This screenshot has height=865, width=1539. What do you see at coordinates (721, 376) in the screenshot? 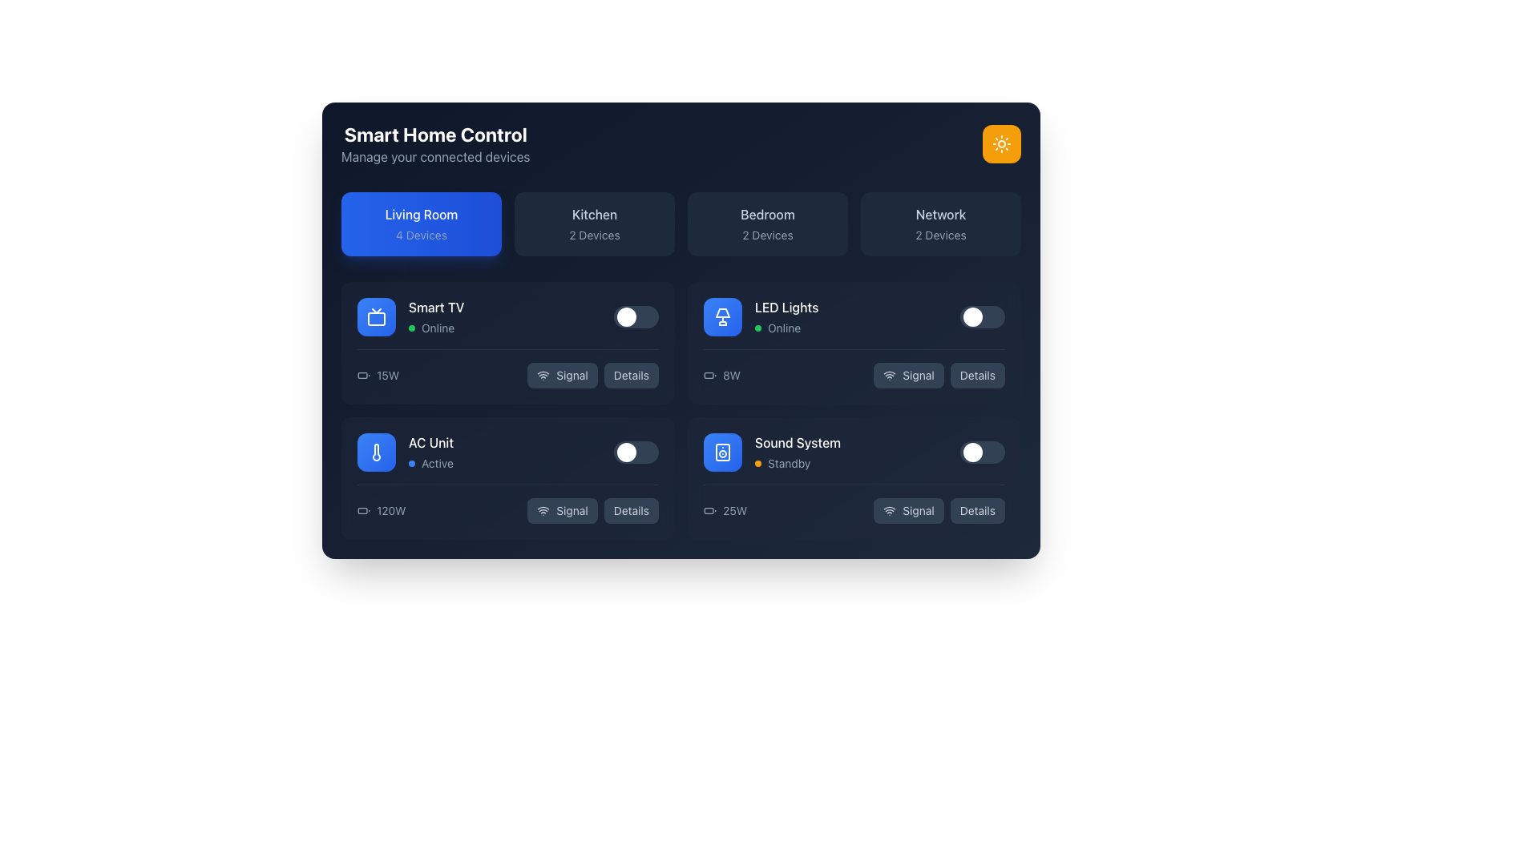
I see `the text indicating the power consumption of 8 watts for the 'LED Lights' device, which is located in the 'Living Room' section to the left of the 'Signal' button` at bounding box center [721, 376].